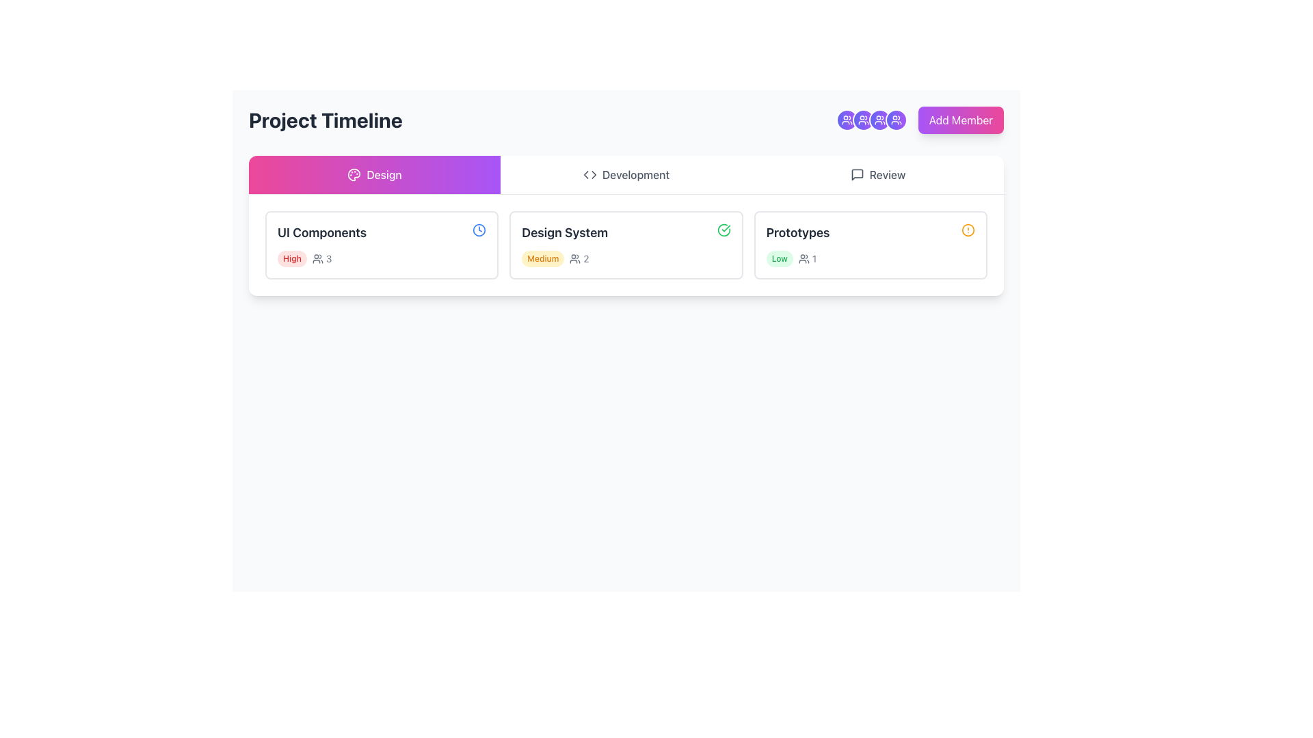  Describe the element at coordinates (291, 258) in the screenshot. I see `the 'High' priority indicator label located in the leftmost card under the 'Design' section in the 'Project Timeline' view` at that location.